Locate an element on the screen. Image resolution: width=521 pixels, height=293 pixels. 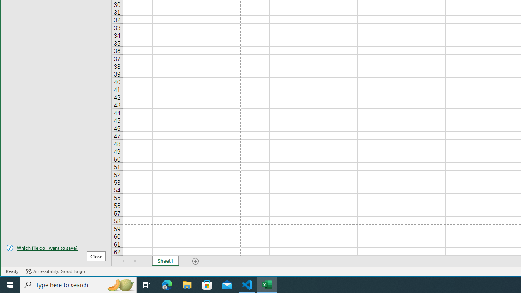
'Excel - 1 running window' is located at coordinates (267, 284).